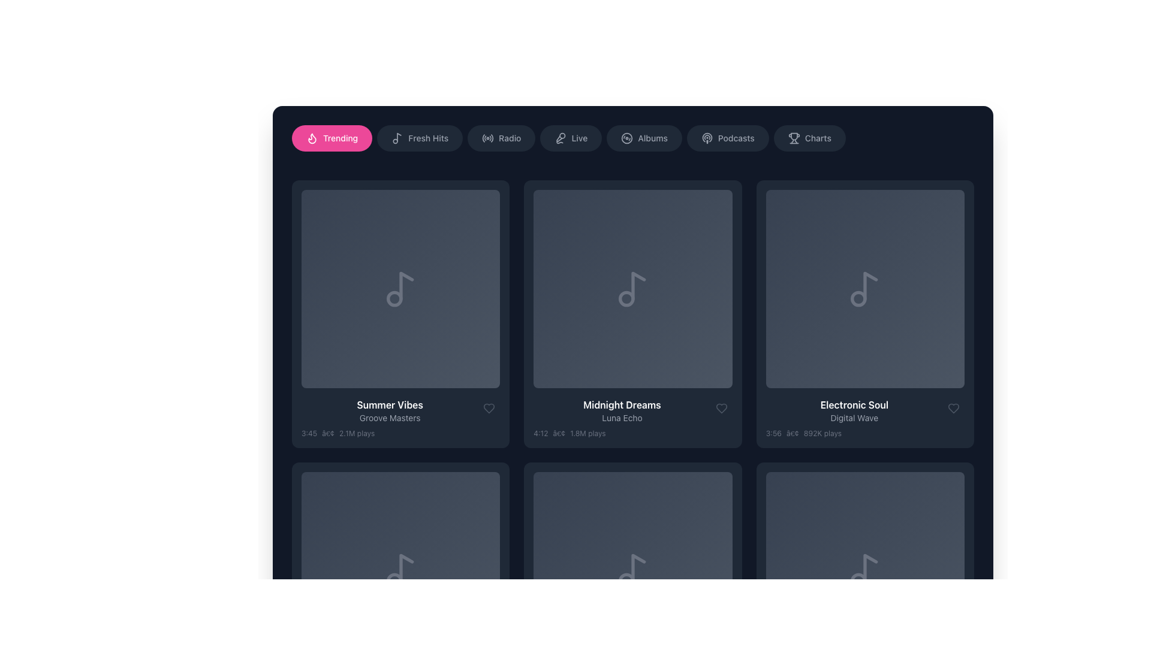 This screenshot has height=647, width=1151. I want to click on the 'Radio' navigation icon, which is the third icon from the left in the horizontal navigation bar at the top of the application interface, so click(488, 138).